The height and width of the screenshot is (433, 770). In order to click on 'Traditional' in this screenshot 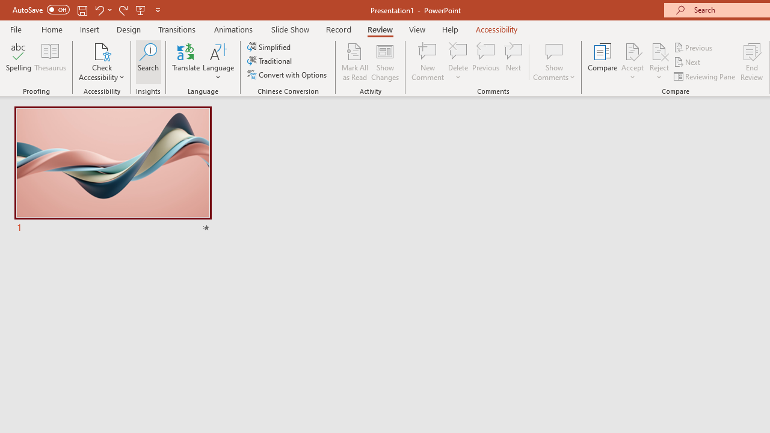, I will do `click(269, 61)`.